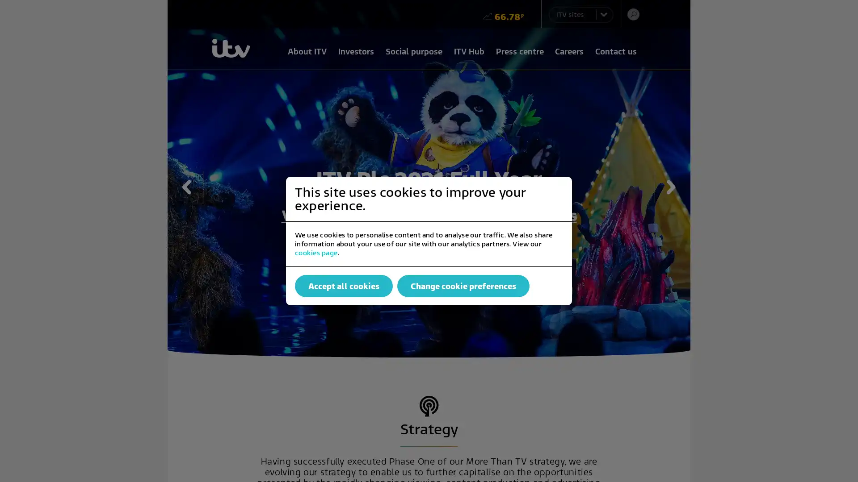  What do you see at coordinates (666, 187) in the screenshot?
I see `Next` at bounding box center [666, 187].